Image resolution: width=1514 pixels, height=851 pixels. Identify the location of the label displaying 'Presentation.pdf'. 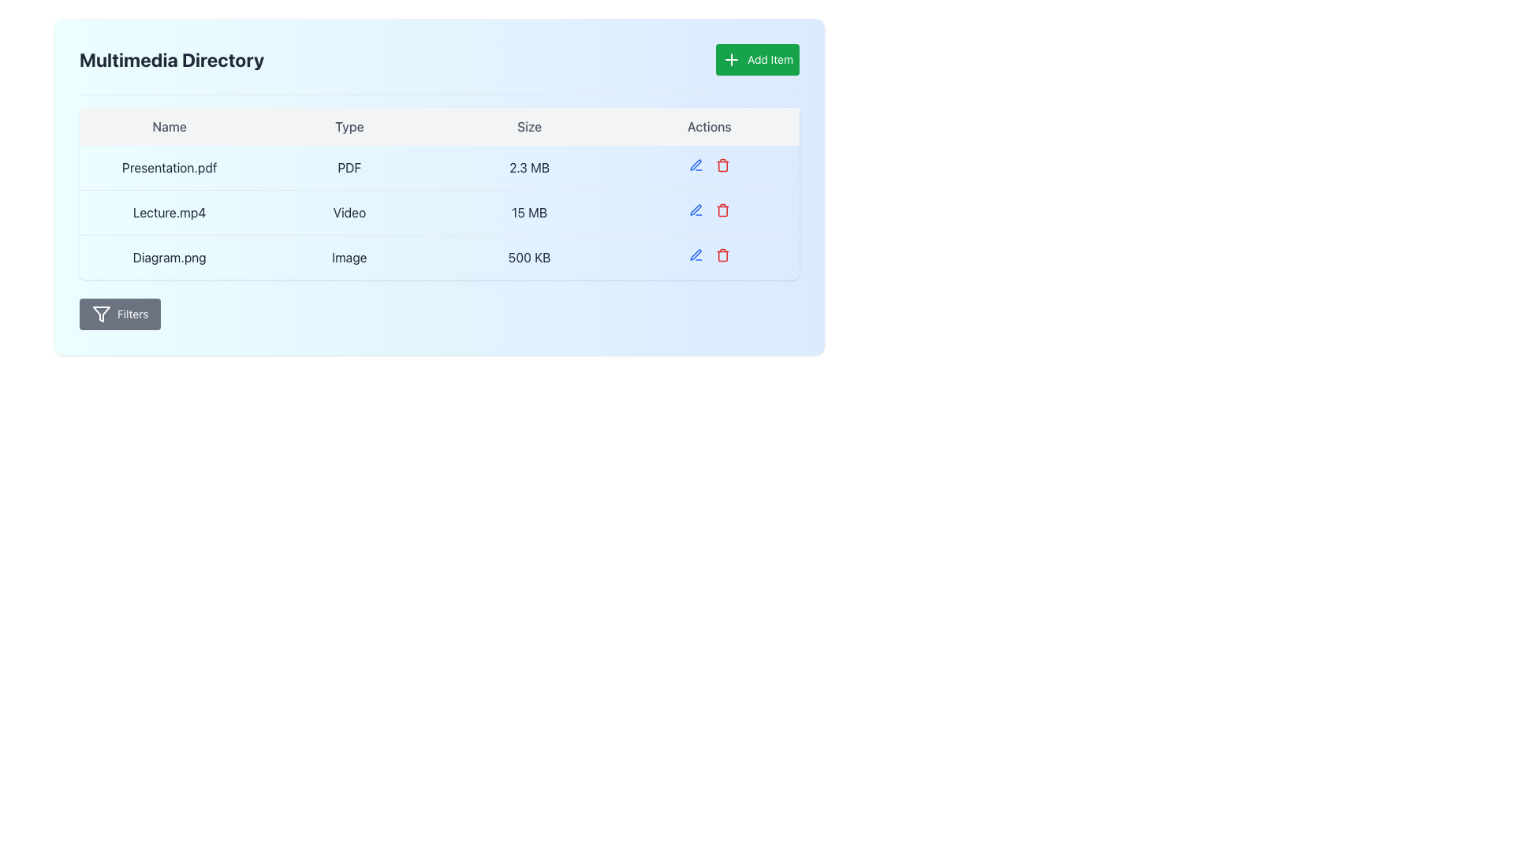
(170, 167).